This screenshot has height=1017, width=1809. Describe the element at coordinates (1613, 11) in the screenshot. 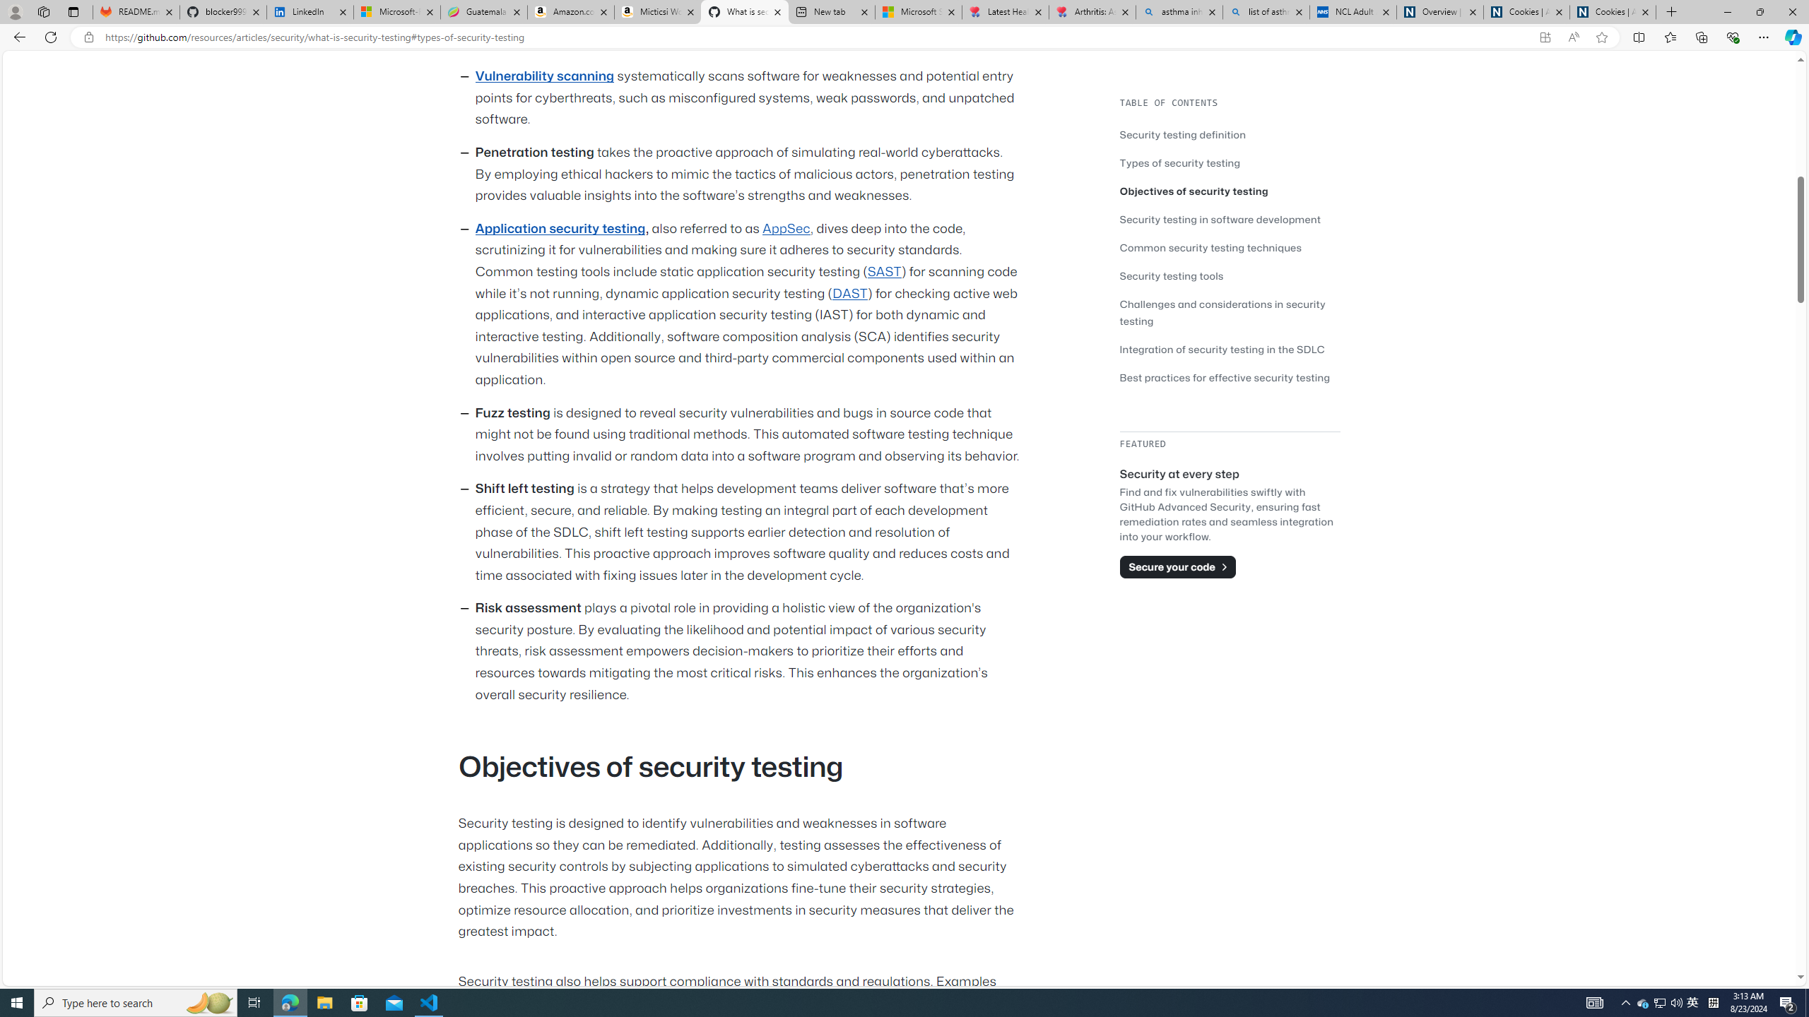

I see `'Cookies | About | NICE'` at that location.